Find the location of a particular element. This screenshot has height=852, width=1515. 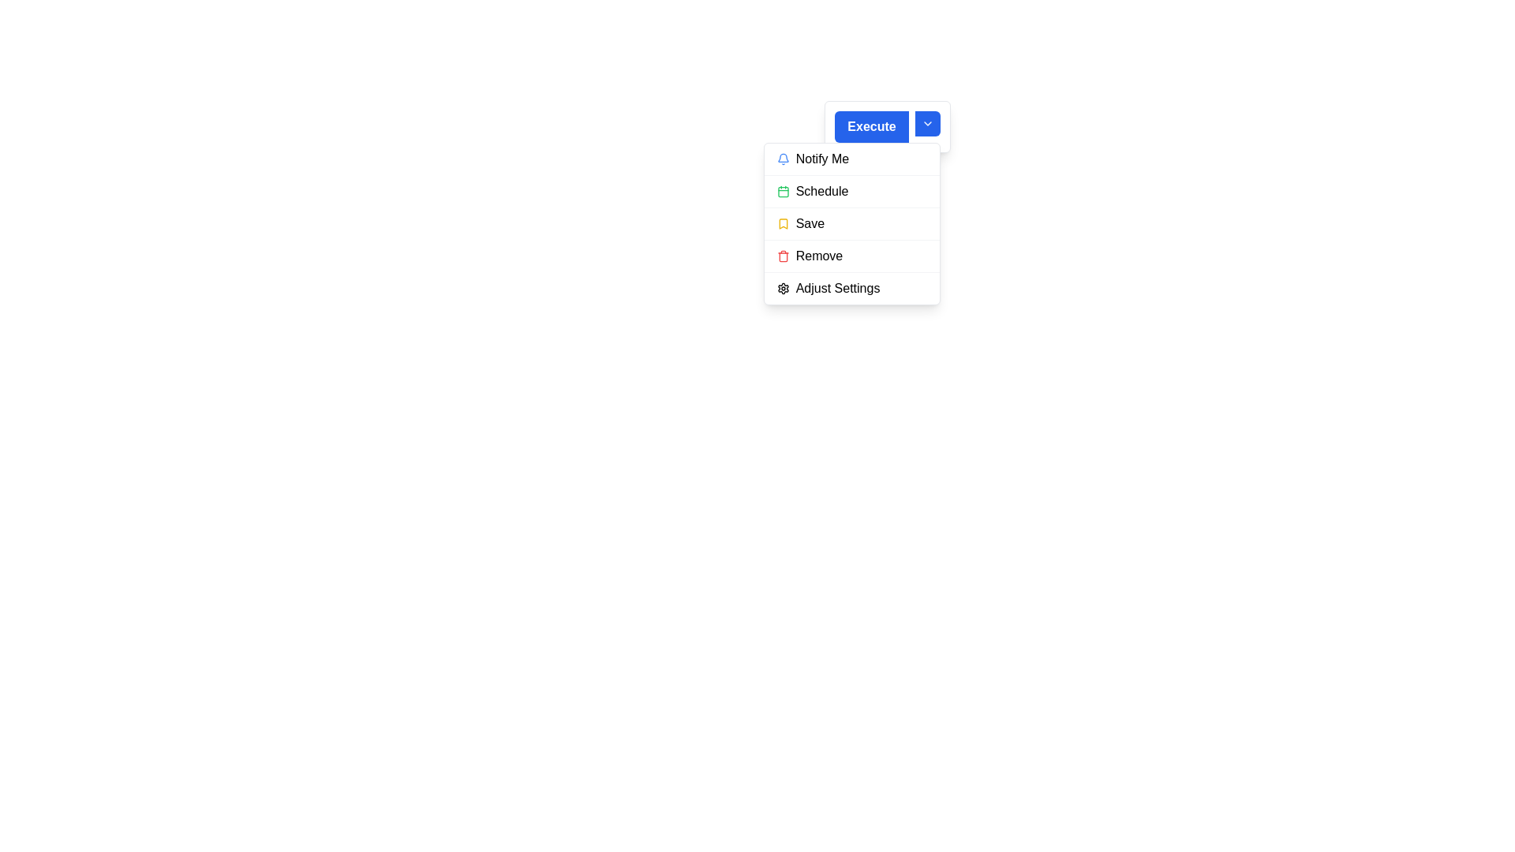

the 'Schedule' menu item, which is the second option in the vertical dropdown menu below the blue 'Execute' button is located at coordinates (851, 190).